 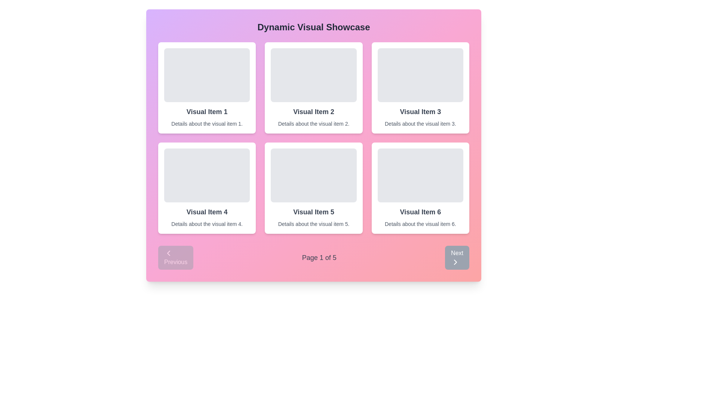 I want to click on the Text Label that serves as a title for the associated card component located in the first column of the second row in a grid layout, so click(x=207, y=212).